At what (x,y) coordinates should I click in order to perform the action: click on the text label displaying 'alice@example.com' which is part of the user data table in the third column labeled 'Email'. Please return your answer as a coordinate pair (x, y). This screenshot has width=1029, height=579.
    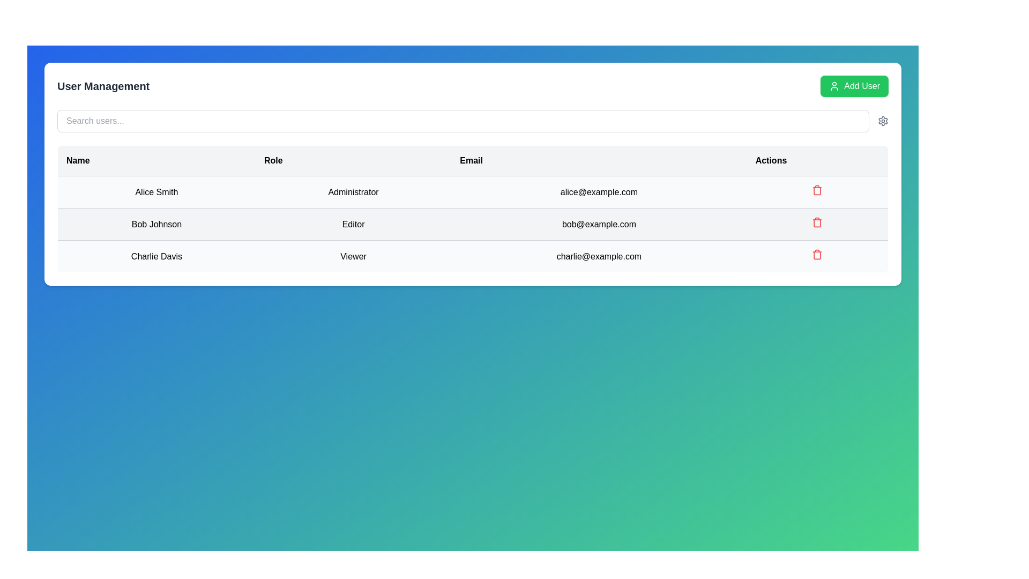
    Looking at the image, I should click on (599, 191).